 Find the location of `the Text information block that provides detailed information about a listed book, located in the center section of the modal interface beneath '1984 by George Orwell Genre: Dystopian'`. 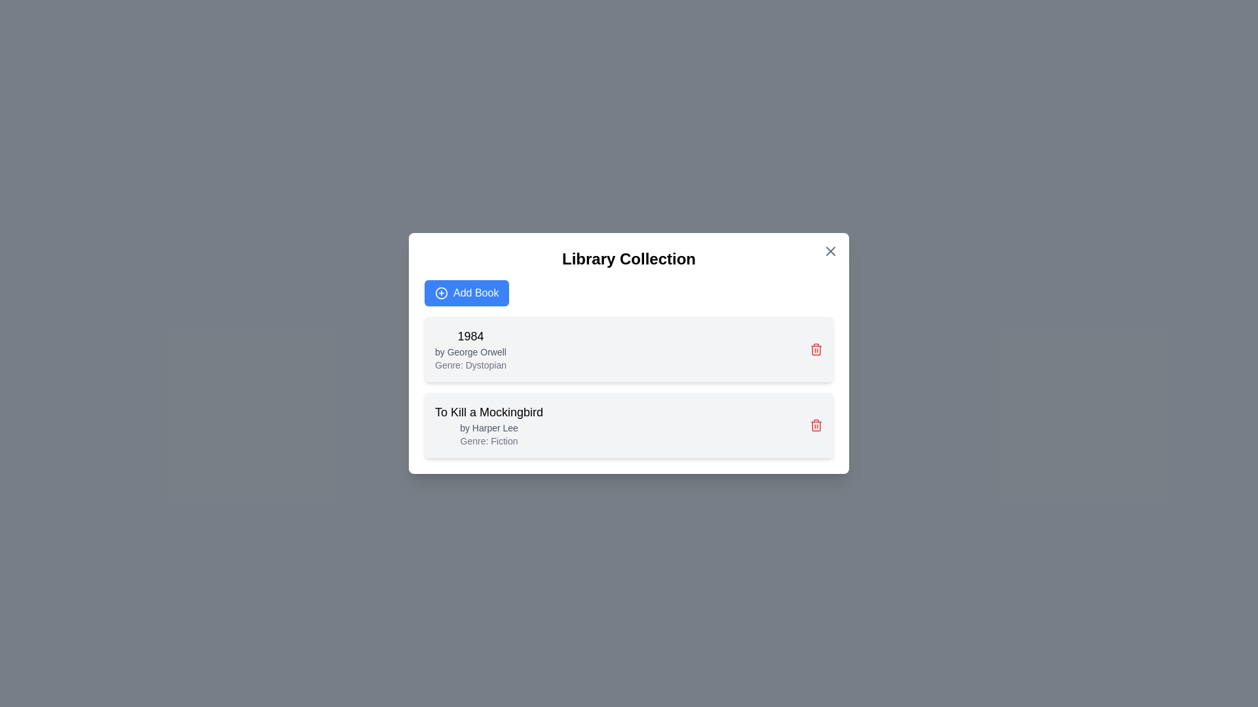

the Text information block that provides detailed information about a listed book, located in the center section of the modal interface beneath '1984 by George Orwell Genre: Dystopian' is located at coordinates (488, 426).